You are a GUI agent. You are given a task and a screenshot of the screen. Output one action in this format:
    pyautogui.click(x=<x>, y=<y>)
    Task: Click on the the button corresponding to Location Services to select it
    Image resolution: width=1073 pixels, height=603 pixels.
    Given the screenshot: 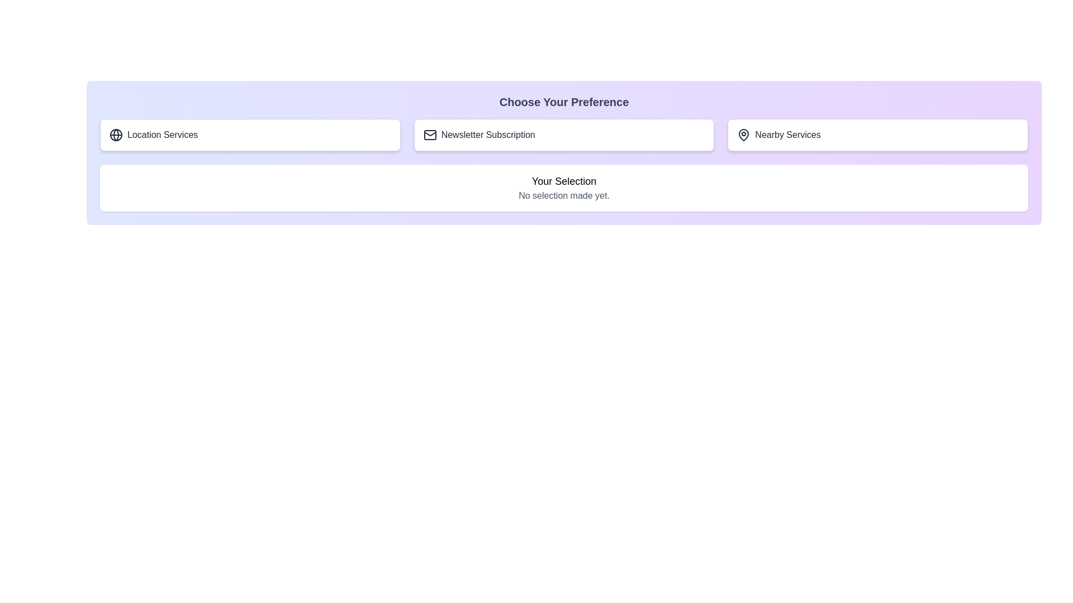 What is the action you would take?
    pyautogui.click(x=249, y=135)
    